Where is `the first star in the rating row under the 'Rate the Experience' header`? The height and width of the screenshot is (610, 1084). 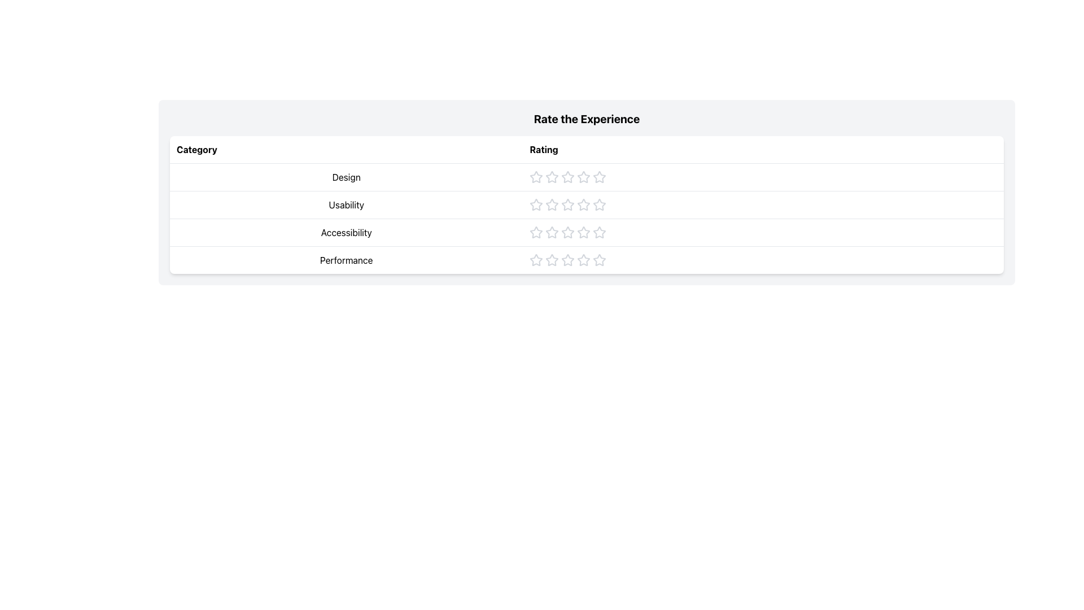
the first star in the rating row under the 'Rate the Experience' header is located at coordinates (552, 177).